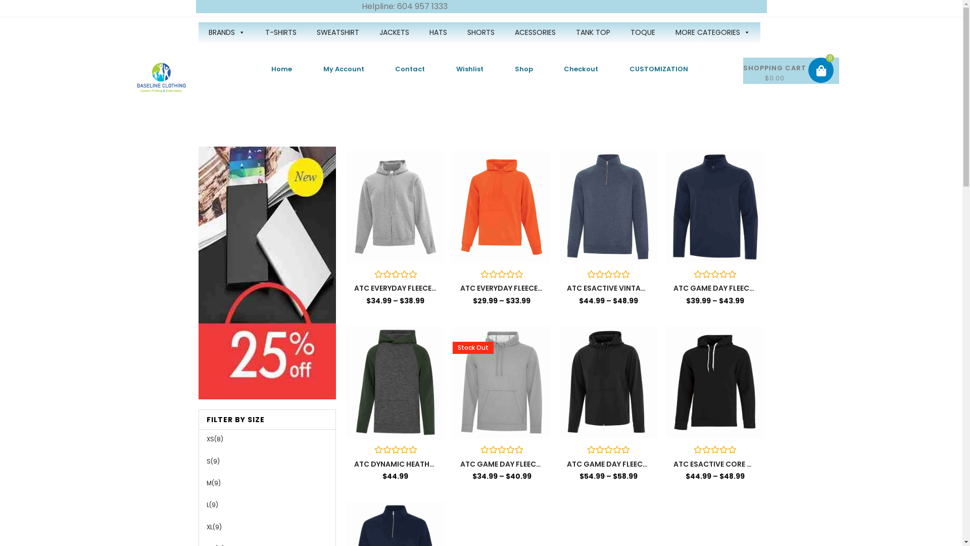 The image size is (970, 546). What do you see at coordinates (441, 69) in the screenshot?
I see `'Wishlist'` at bounding box center [441, 69].